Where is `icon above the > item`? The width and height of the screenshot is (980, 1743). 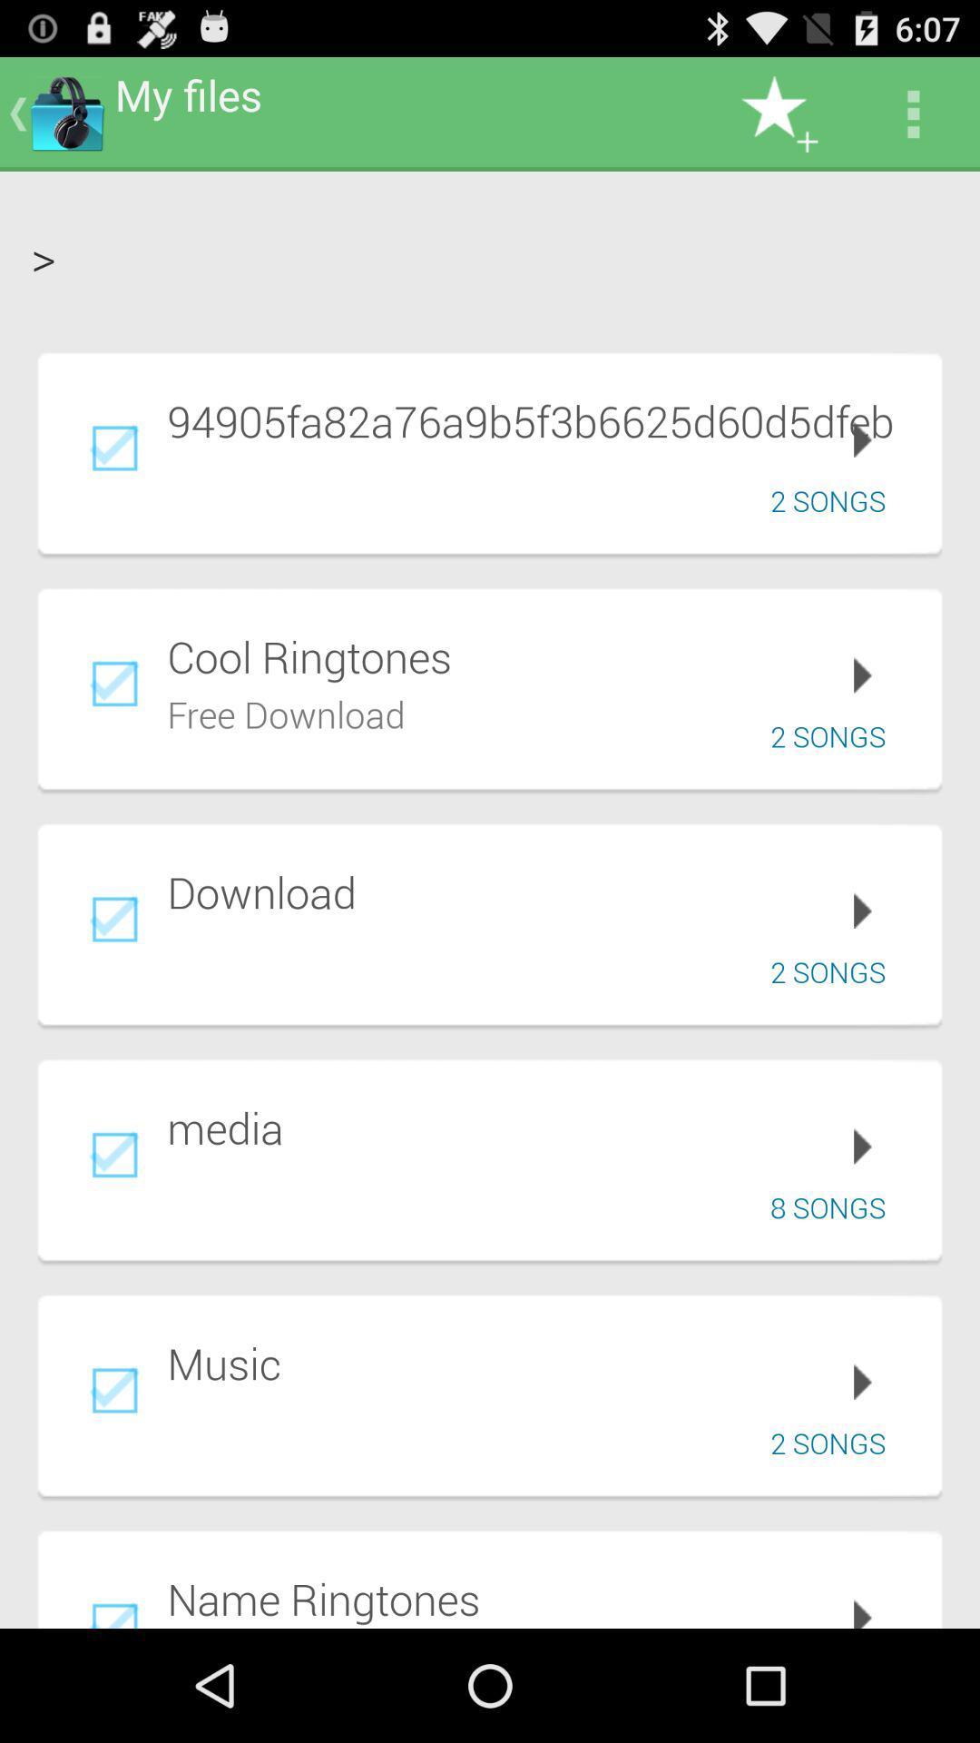
icon above the > item is located at coordinates (779, 113).